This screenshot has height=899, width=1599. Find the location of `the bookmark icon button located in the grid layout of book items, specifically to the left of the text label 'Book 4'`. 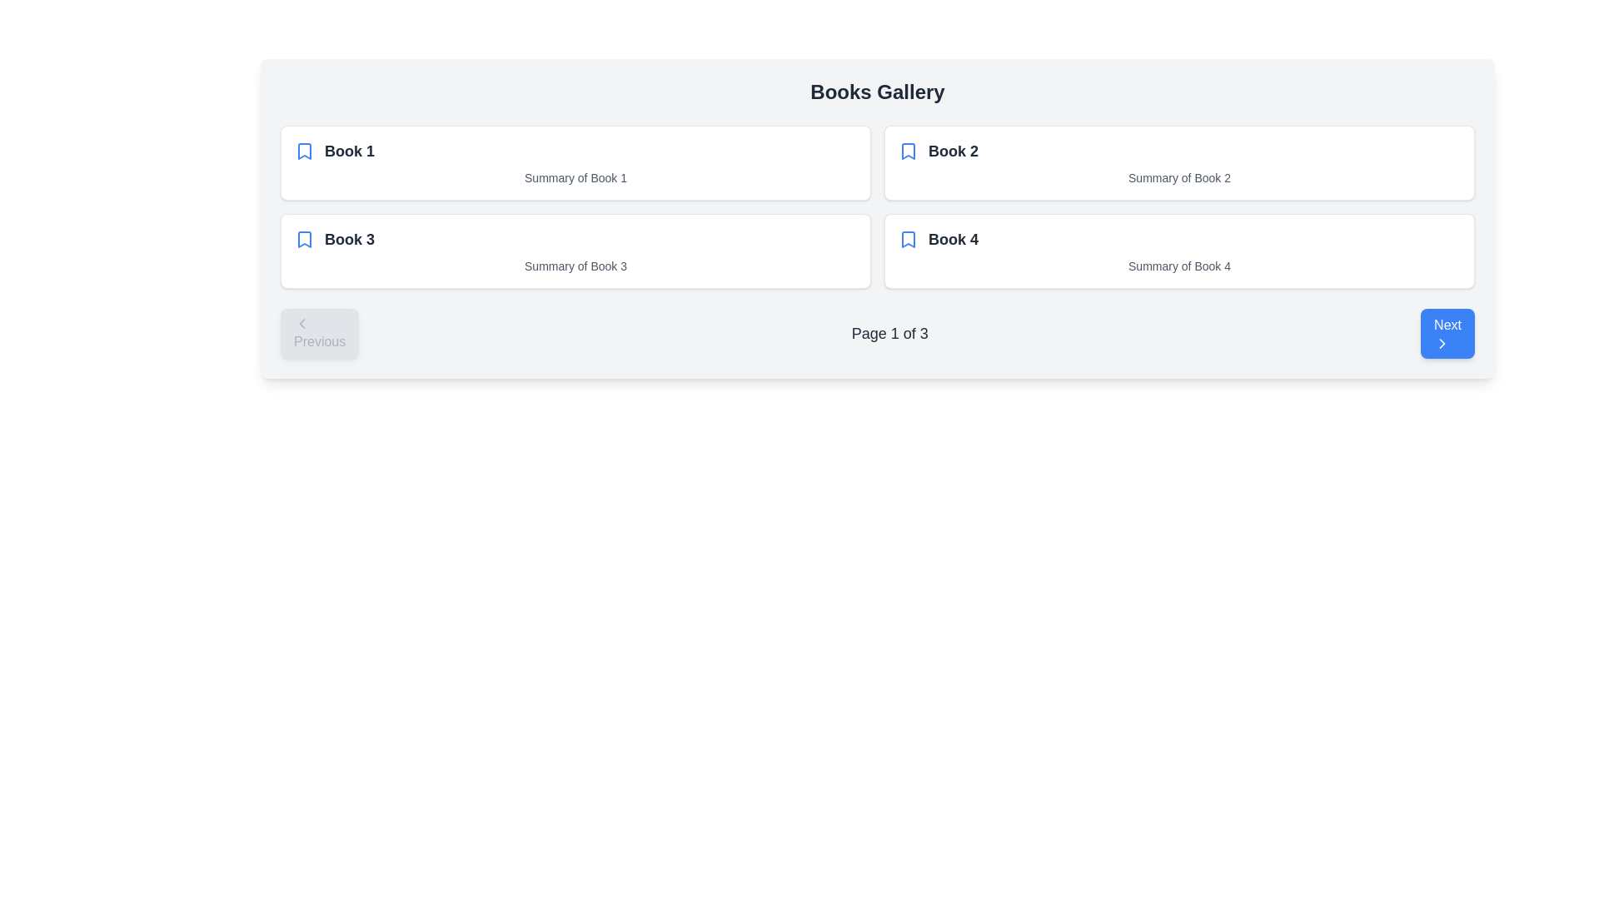

the bookmark icon button located in the grid layout of book items, specifically to the left of the text label 'Book 4' is located at coordinates (907, 240).